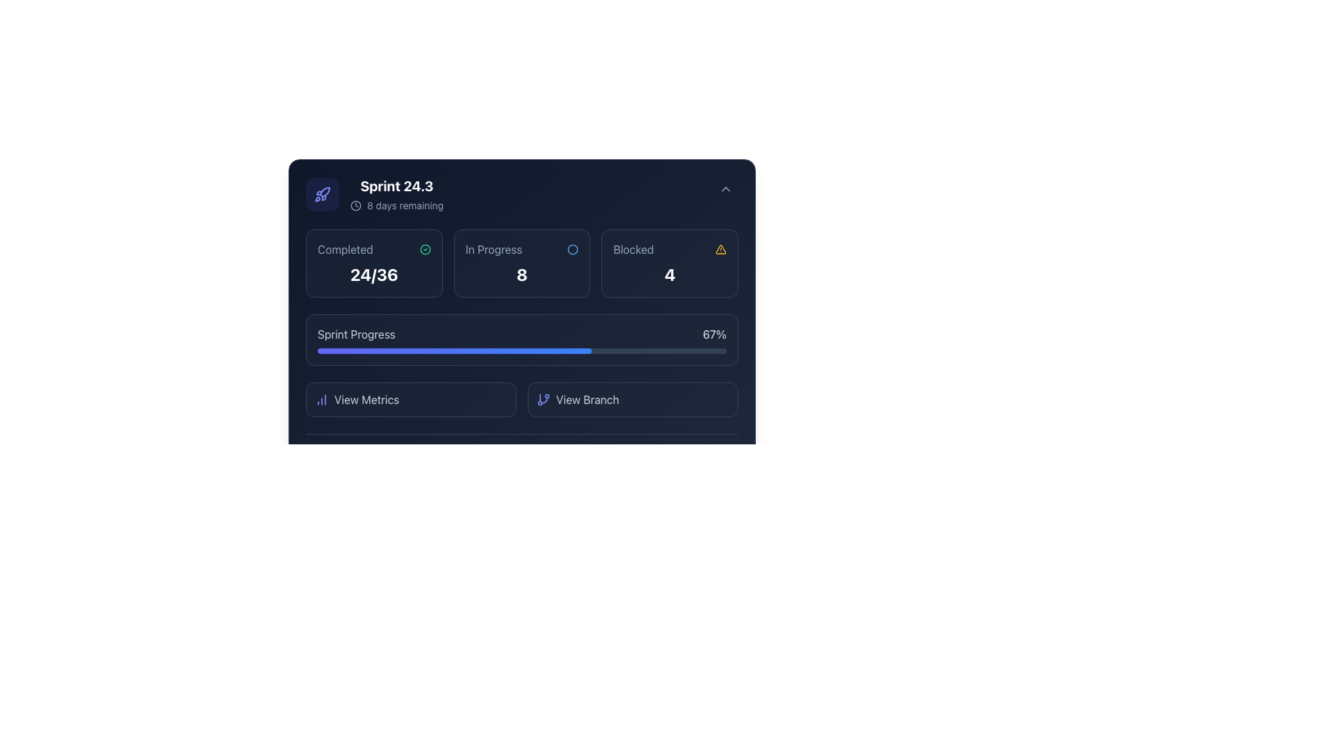 This screenshot has width=1335, height=751. What do you see at coordinates (366, 399) in the screenshot?
I see `the 'View Metrics' text label or button` at bounding box center [366, 399].